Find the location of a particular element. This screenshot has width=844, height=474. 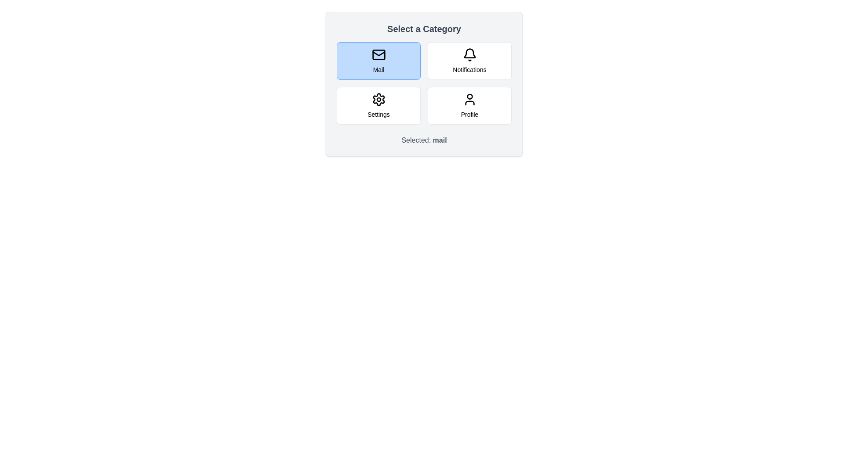

the category button corresponding to Notifications is located at coordinates (469, 60).